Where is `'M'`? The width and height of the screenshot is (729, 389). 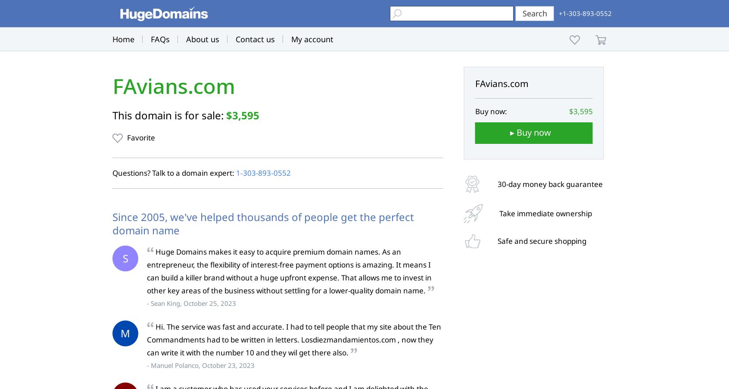
'M' is located at coordinates (125, 333).